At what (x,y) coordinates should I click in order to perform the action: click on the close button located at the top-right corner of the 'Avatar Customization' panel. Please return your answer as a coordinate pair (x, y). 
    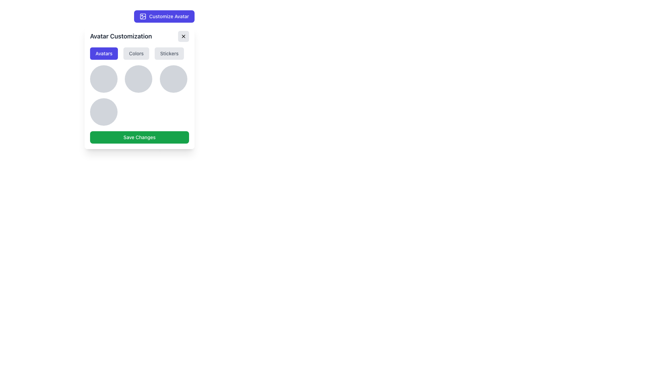
    Looking at the image, I should click on (183, 36).